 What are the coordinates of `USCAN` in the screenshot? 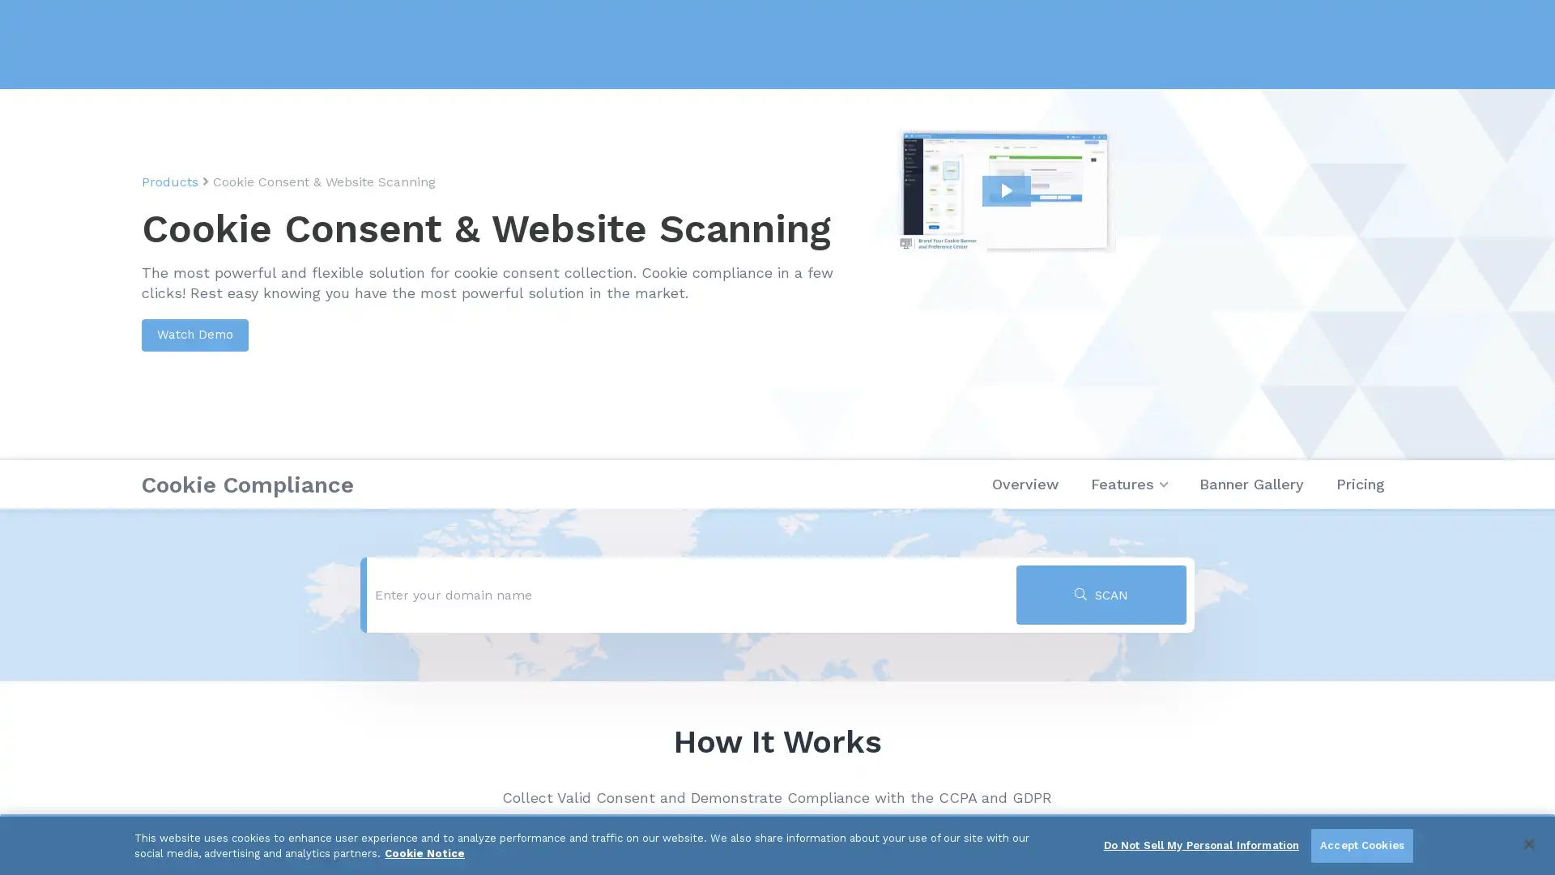 It's located at (1101, 595).